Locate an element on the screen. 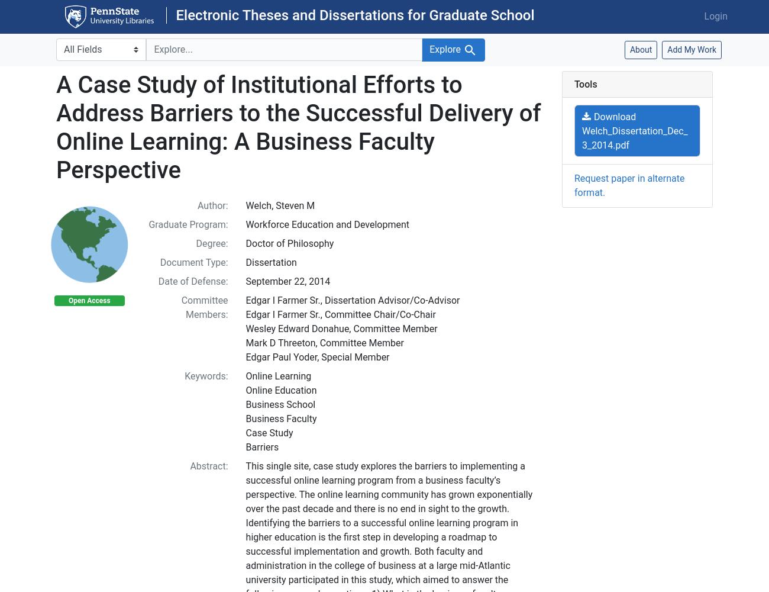  'Edgar I Farmer Sr., Dissertation Advisor/Co-Advisor' is located at coordinates (245, 300).